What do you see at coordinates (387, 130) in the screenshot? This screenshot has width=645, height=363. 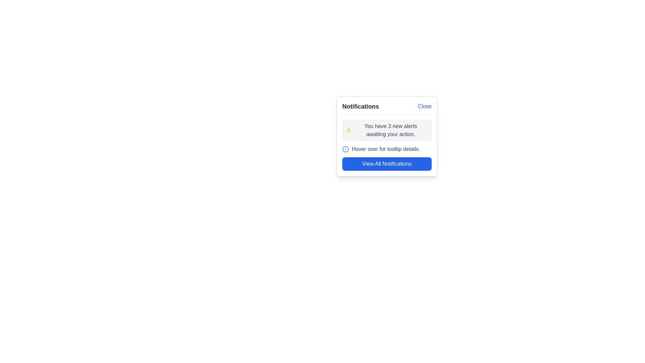 I see `the static informational block containing a yellow notification bell icon and the text message 'You have 3 new alerts awaiting your action.'` at bounding box center [387, 130].